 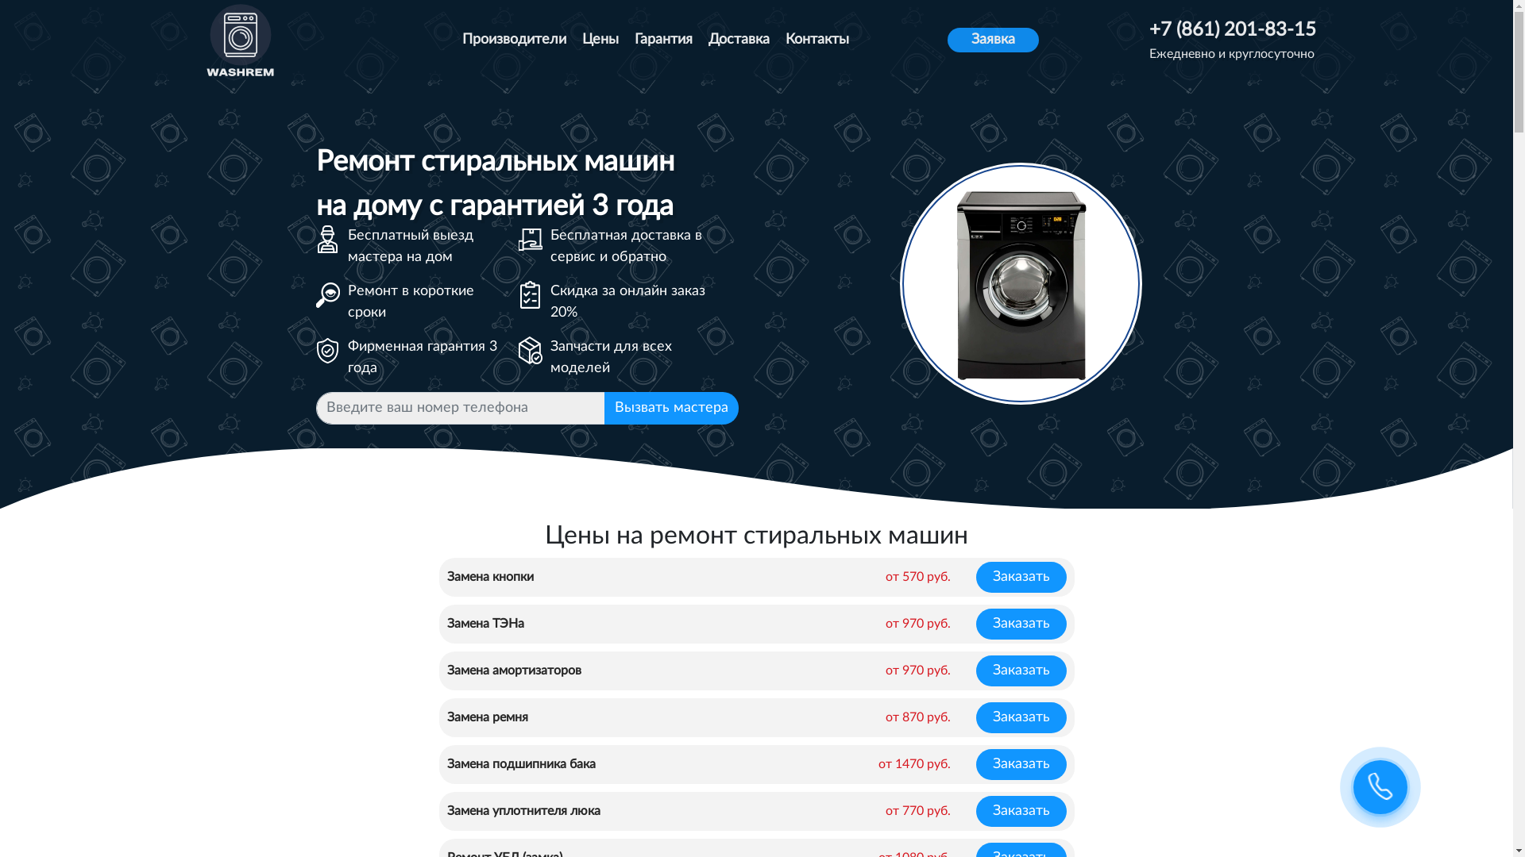 I want to click on '+7 (861) 201-83-15', so click(x=1231, y=30).